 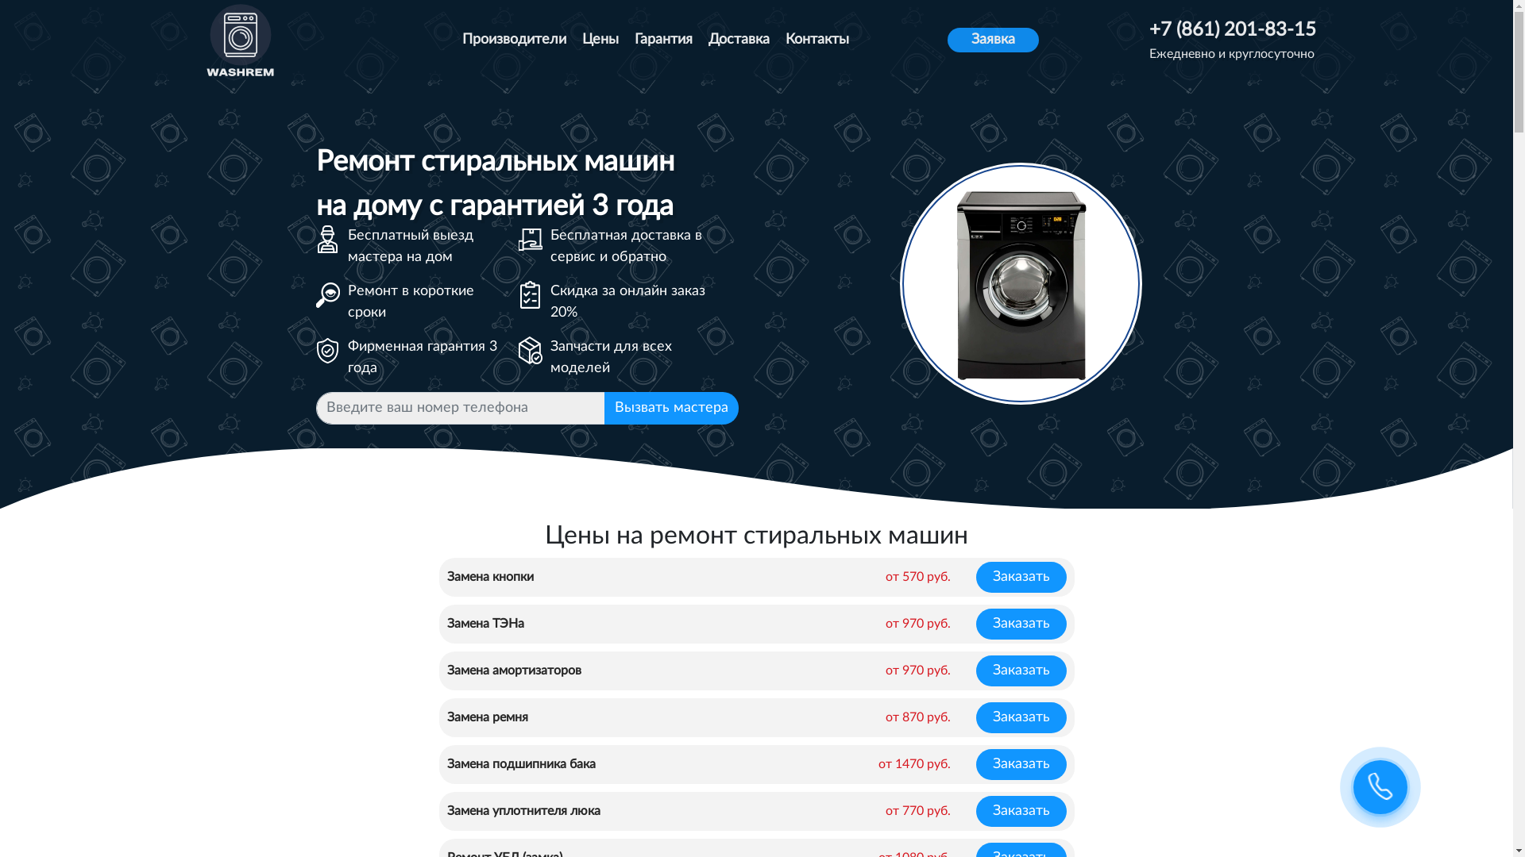 I want to click on '+7 (861) 201-83-15', so click(x=1231, y=30).